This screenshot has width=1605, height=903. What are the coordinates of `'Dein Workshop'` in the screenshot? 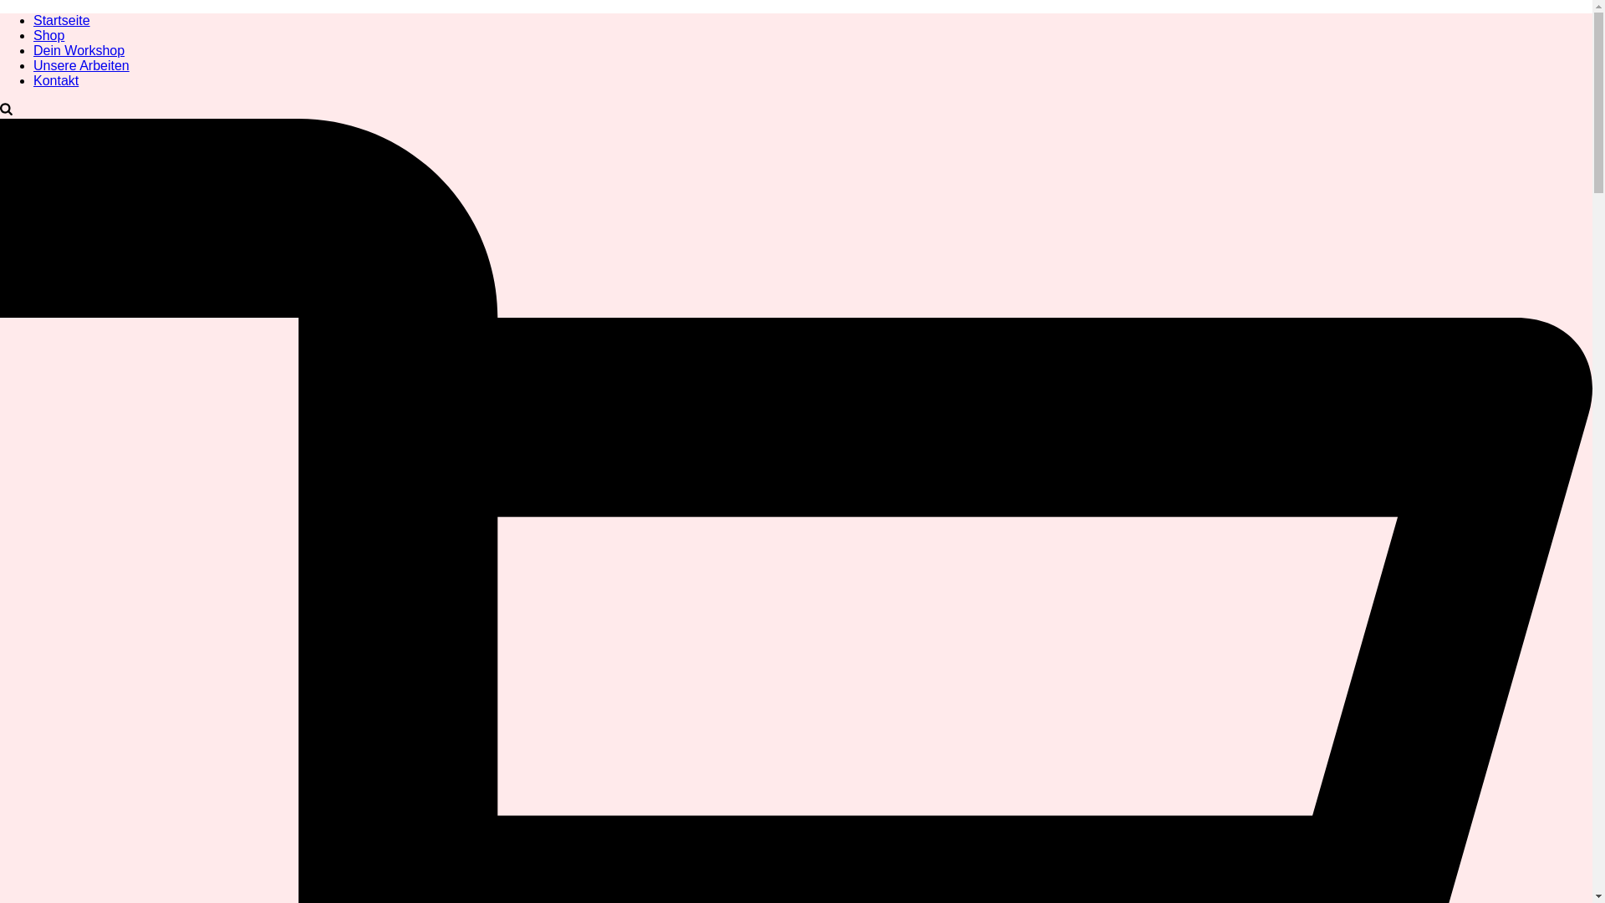 It's located at (78, 49).